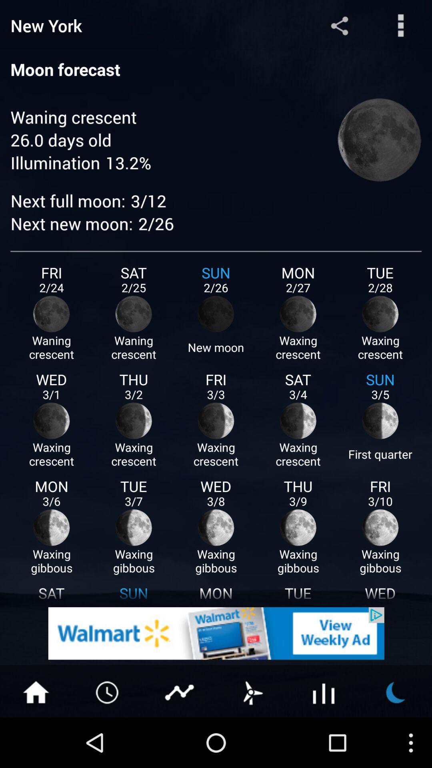  What do you see at coordinates (108, 691) in the screenshot?
I see `time option` at bounding box center [108, 691].